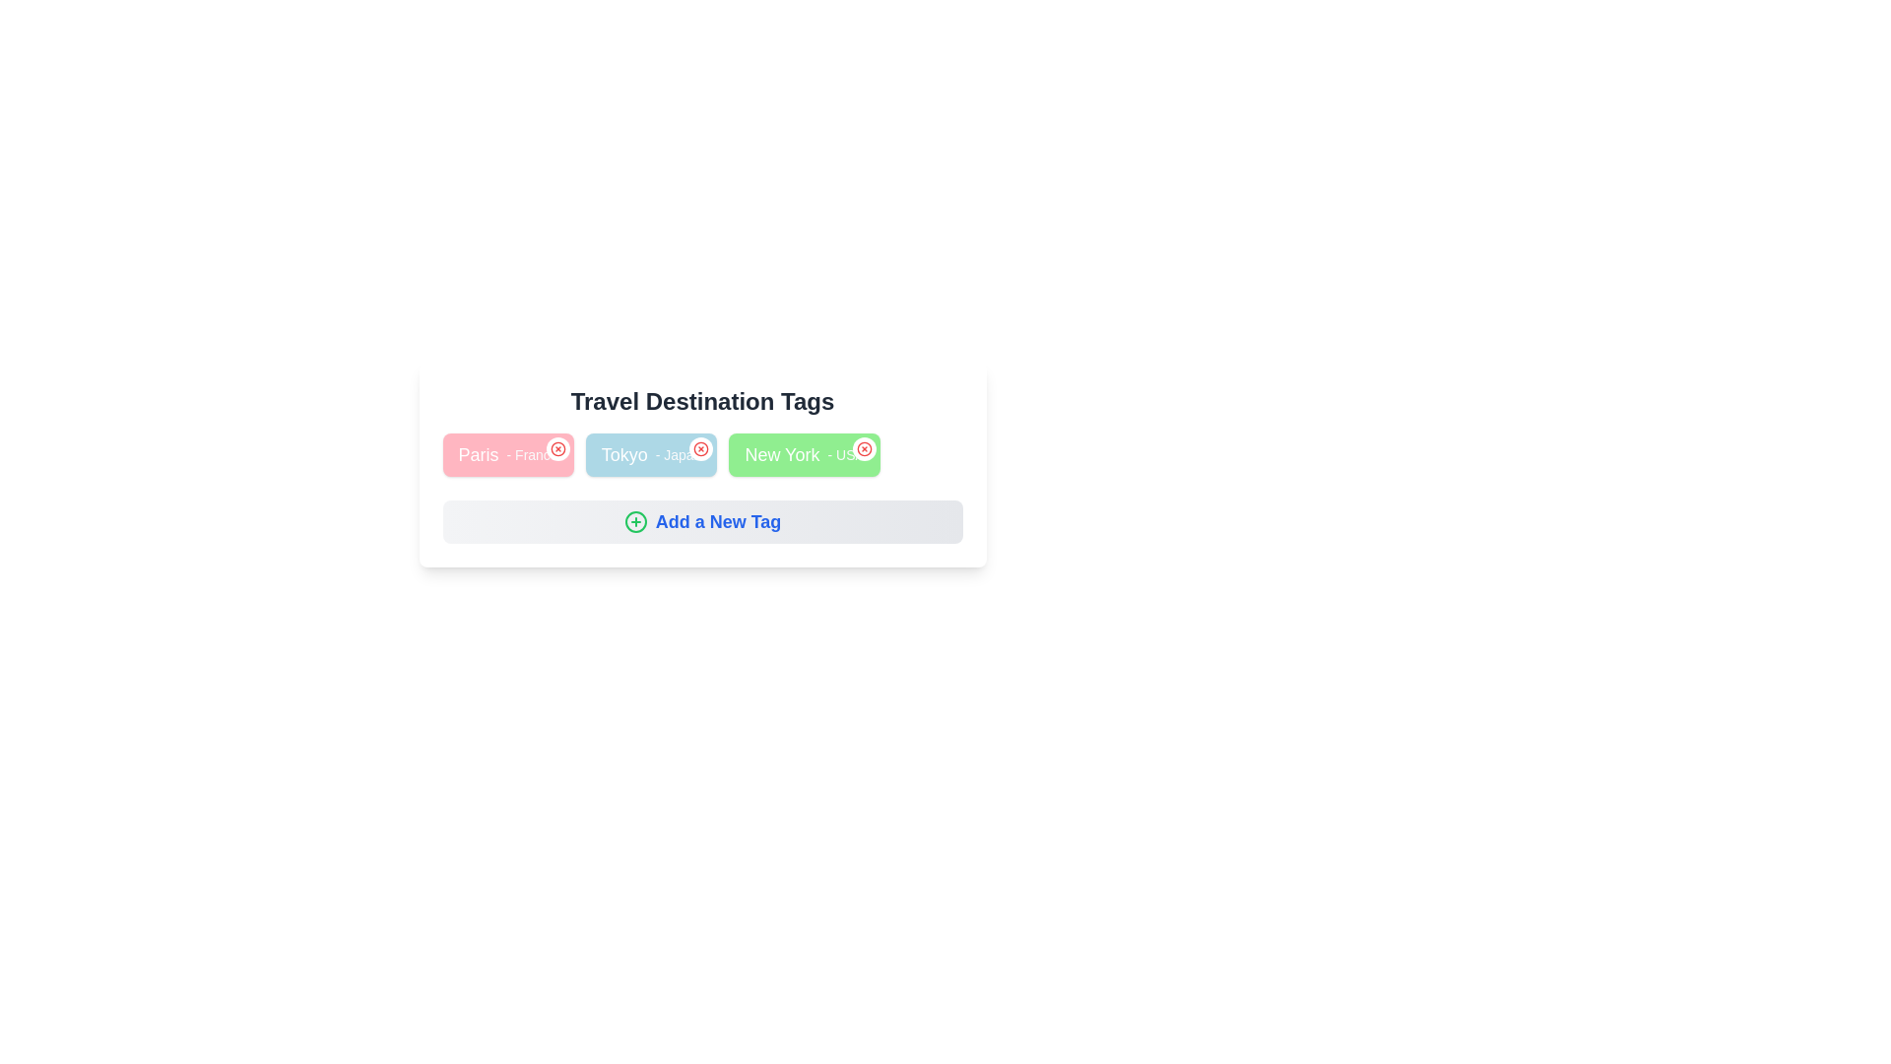 This screenshot has width=1891, height=1064. What do you see at coordinates (556, 448) in the screenshot?
I see `the close button of the tag labeled Paris- France` at bounding box center [556, 448].